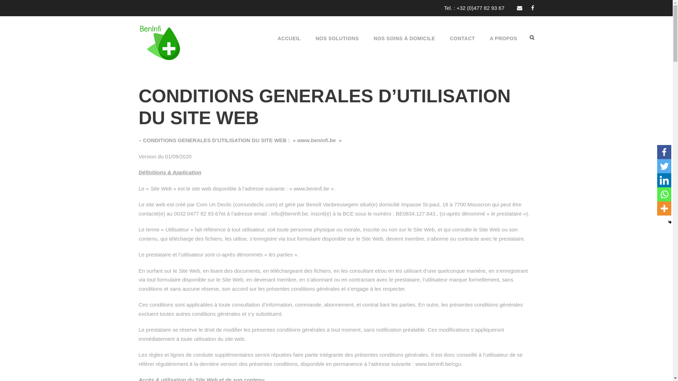 Image resolution: width=678 pixels, height=381 pixels. What do you see at coordinates (664, 166) in the screenshot?
I see `'Twitter'` at bounding box center [664, 166].